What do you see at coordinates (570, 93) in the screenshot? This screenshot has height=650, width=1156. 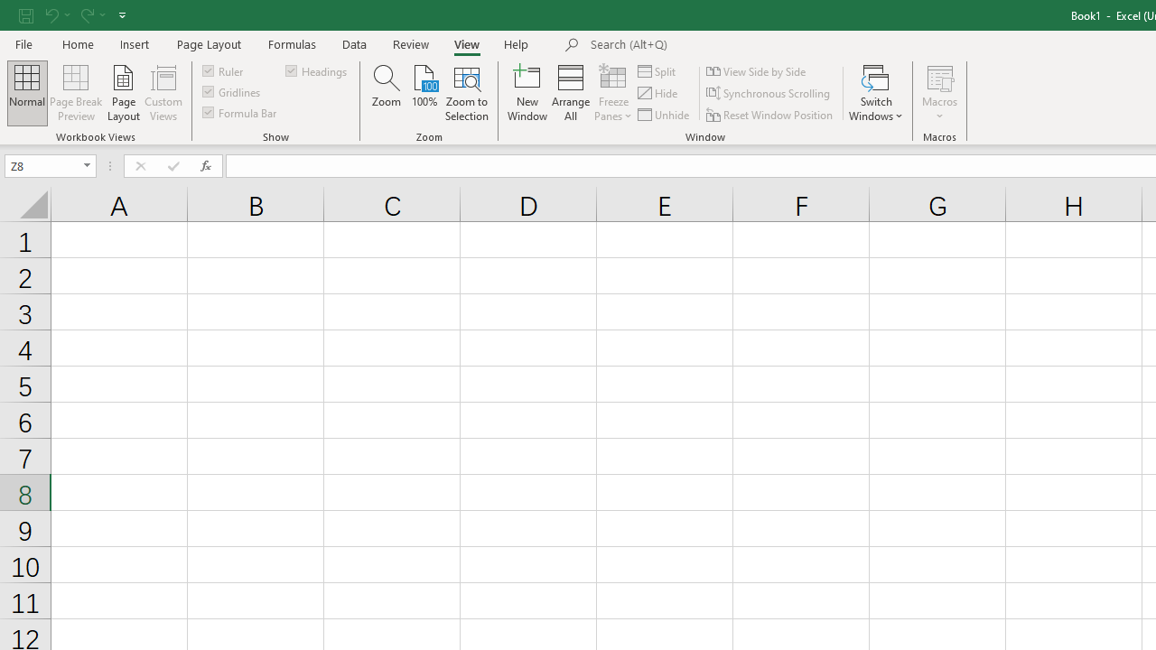 I see `'Arrange All'` at bounding box center [570, 93].